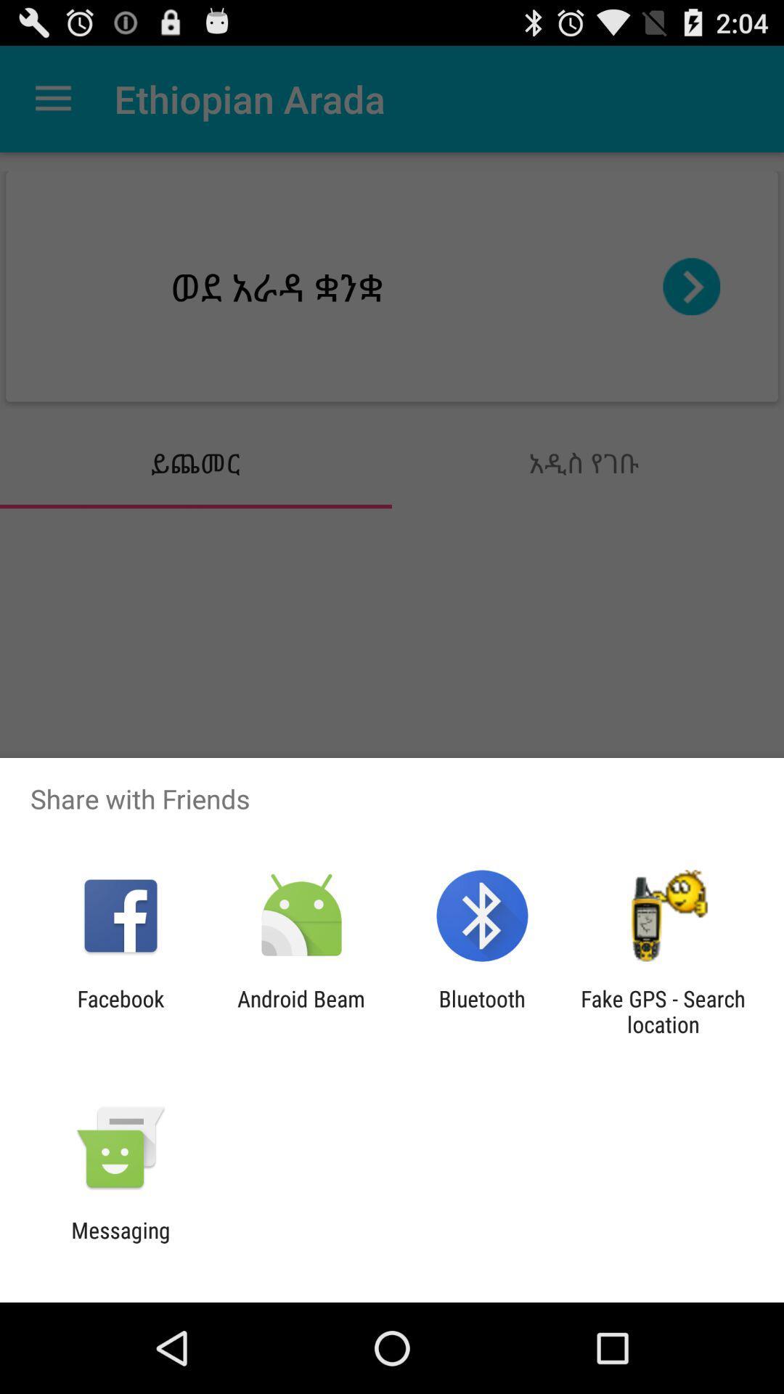 The width and height of the screenshot is (784, 1394). I want to click on bluetooth, so click(482, 1011).